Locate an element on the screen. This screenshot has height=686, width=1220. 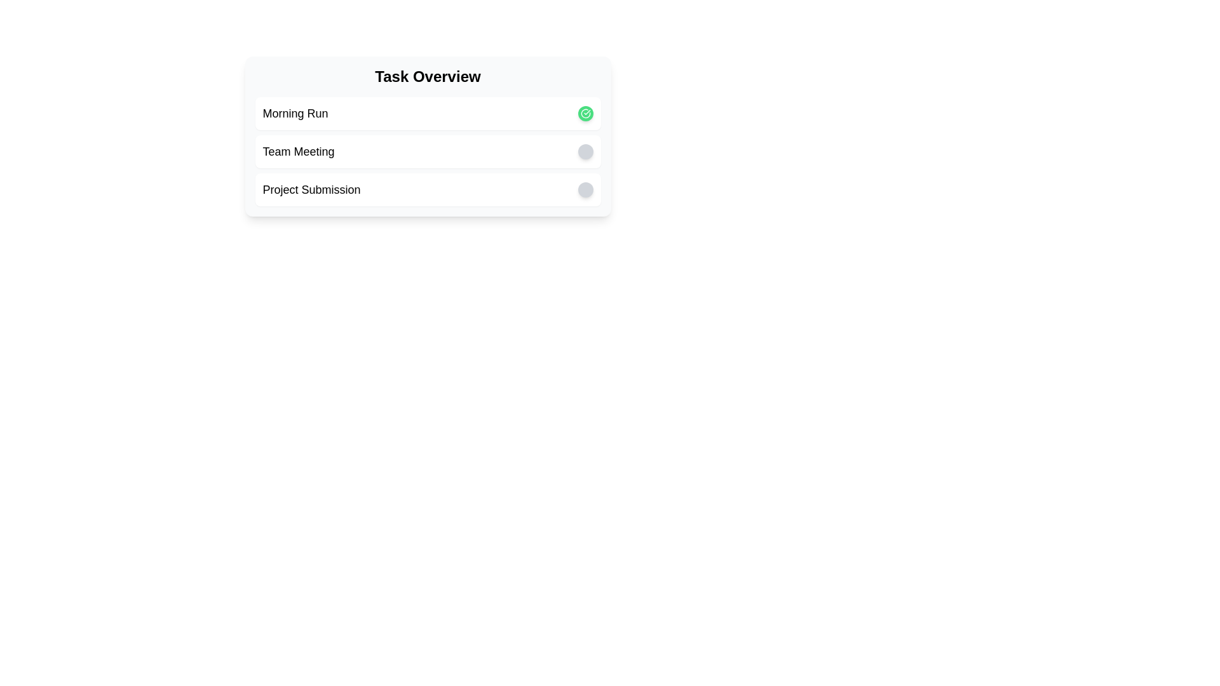
the 'Task Overview' text header, which is prominently displayed at the top of the panel, styled in bold and large font, serving as the heading for the task list is located at coordinates (428, 76).